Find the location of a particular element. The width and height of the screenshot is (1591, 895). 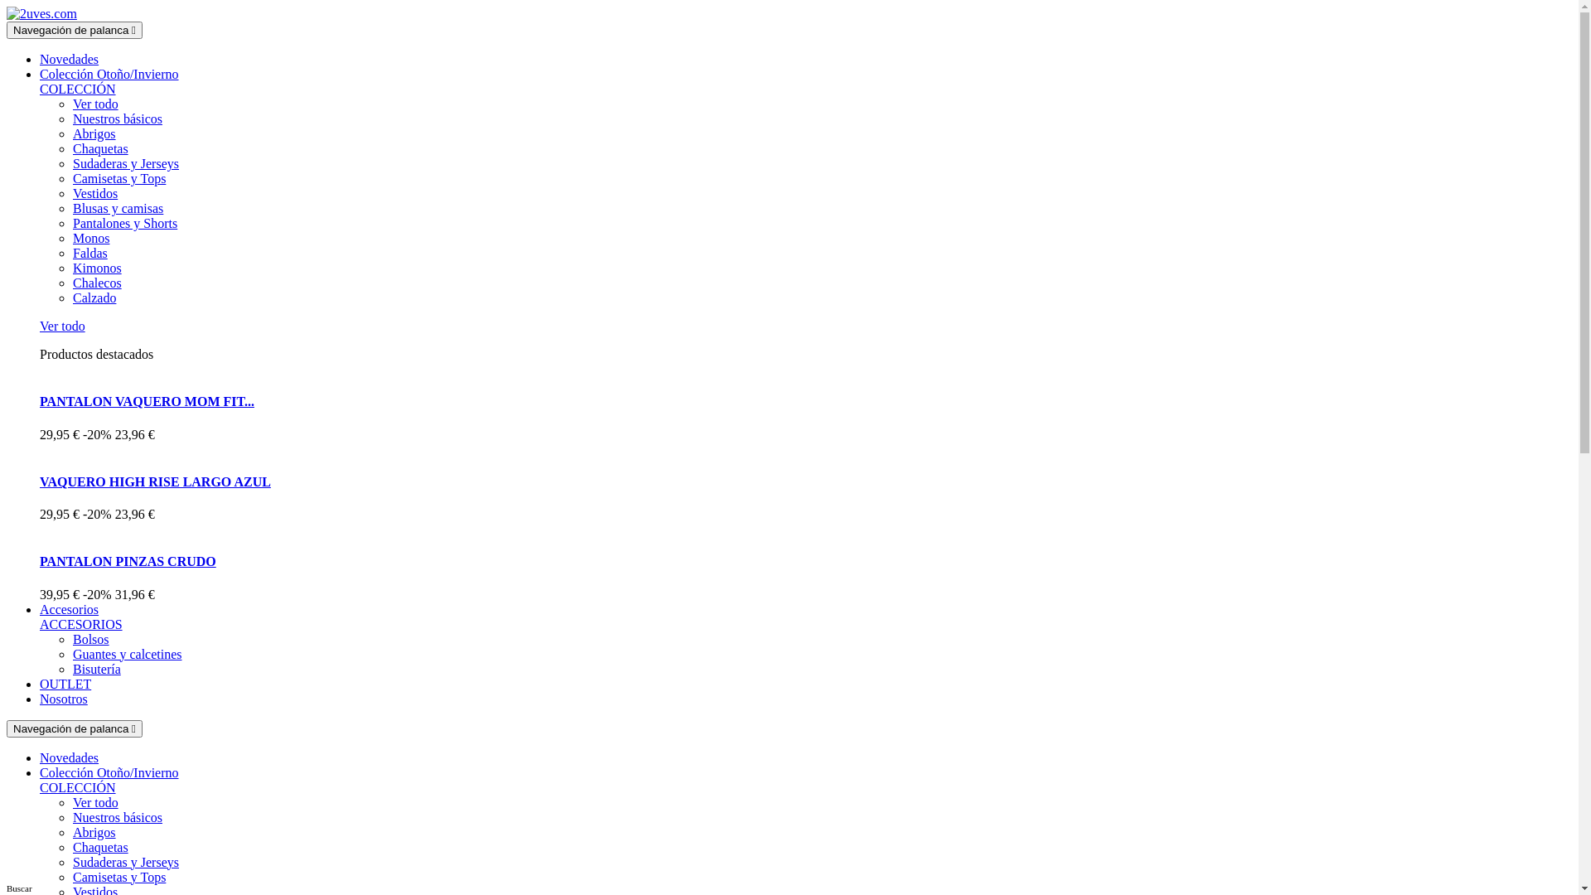

'Ver todo' is located at coordinates (62, 326).